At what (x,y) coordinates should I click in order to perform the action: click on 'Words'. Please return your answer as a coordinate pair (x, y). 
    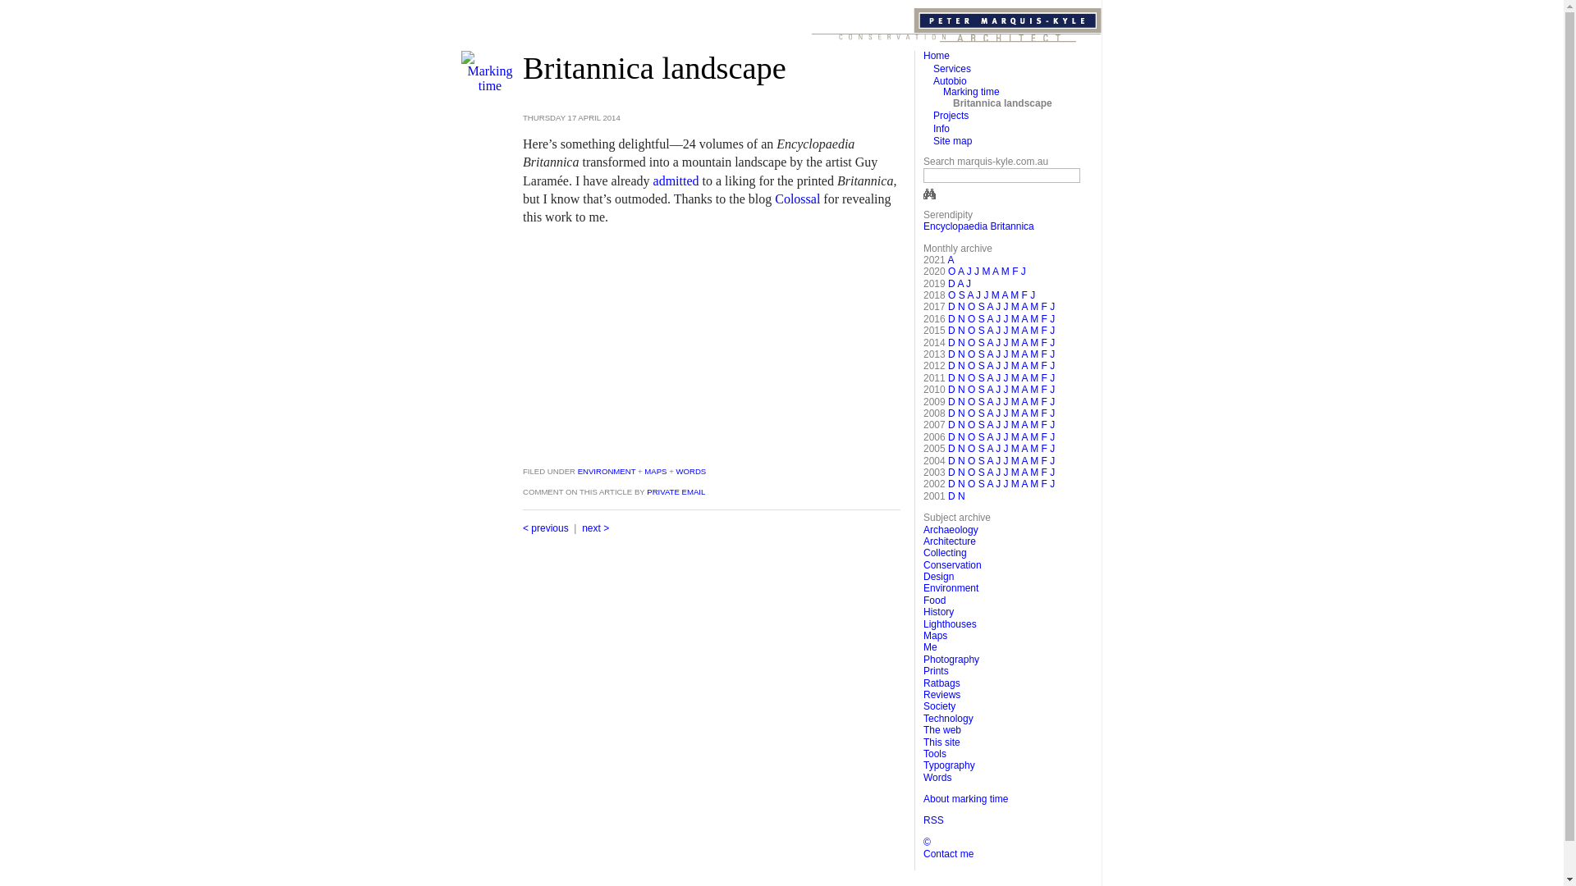
    Looking at the image, I should click on (937, 777).